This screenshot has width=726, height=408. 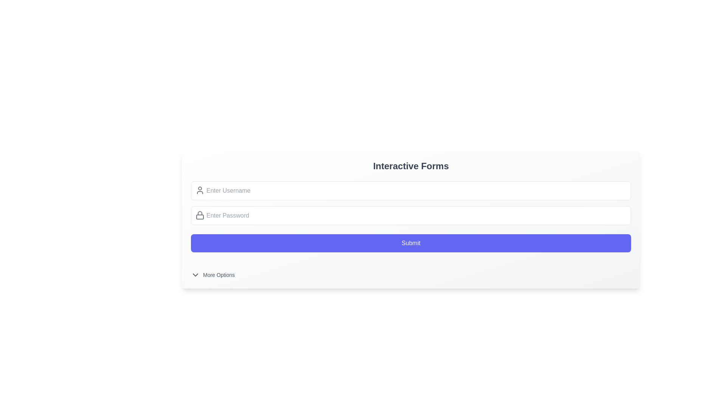 What do you see at coordinates (200, 215) in the screenshot?
I see `the password input icon located to the left of the 'Enter Password' text input field to visually indicate that the field is for password input` at bounding box center [200, 215].